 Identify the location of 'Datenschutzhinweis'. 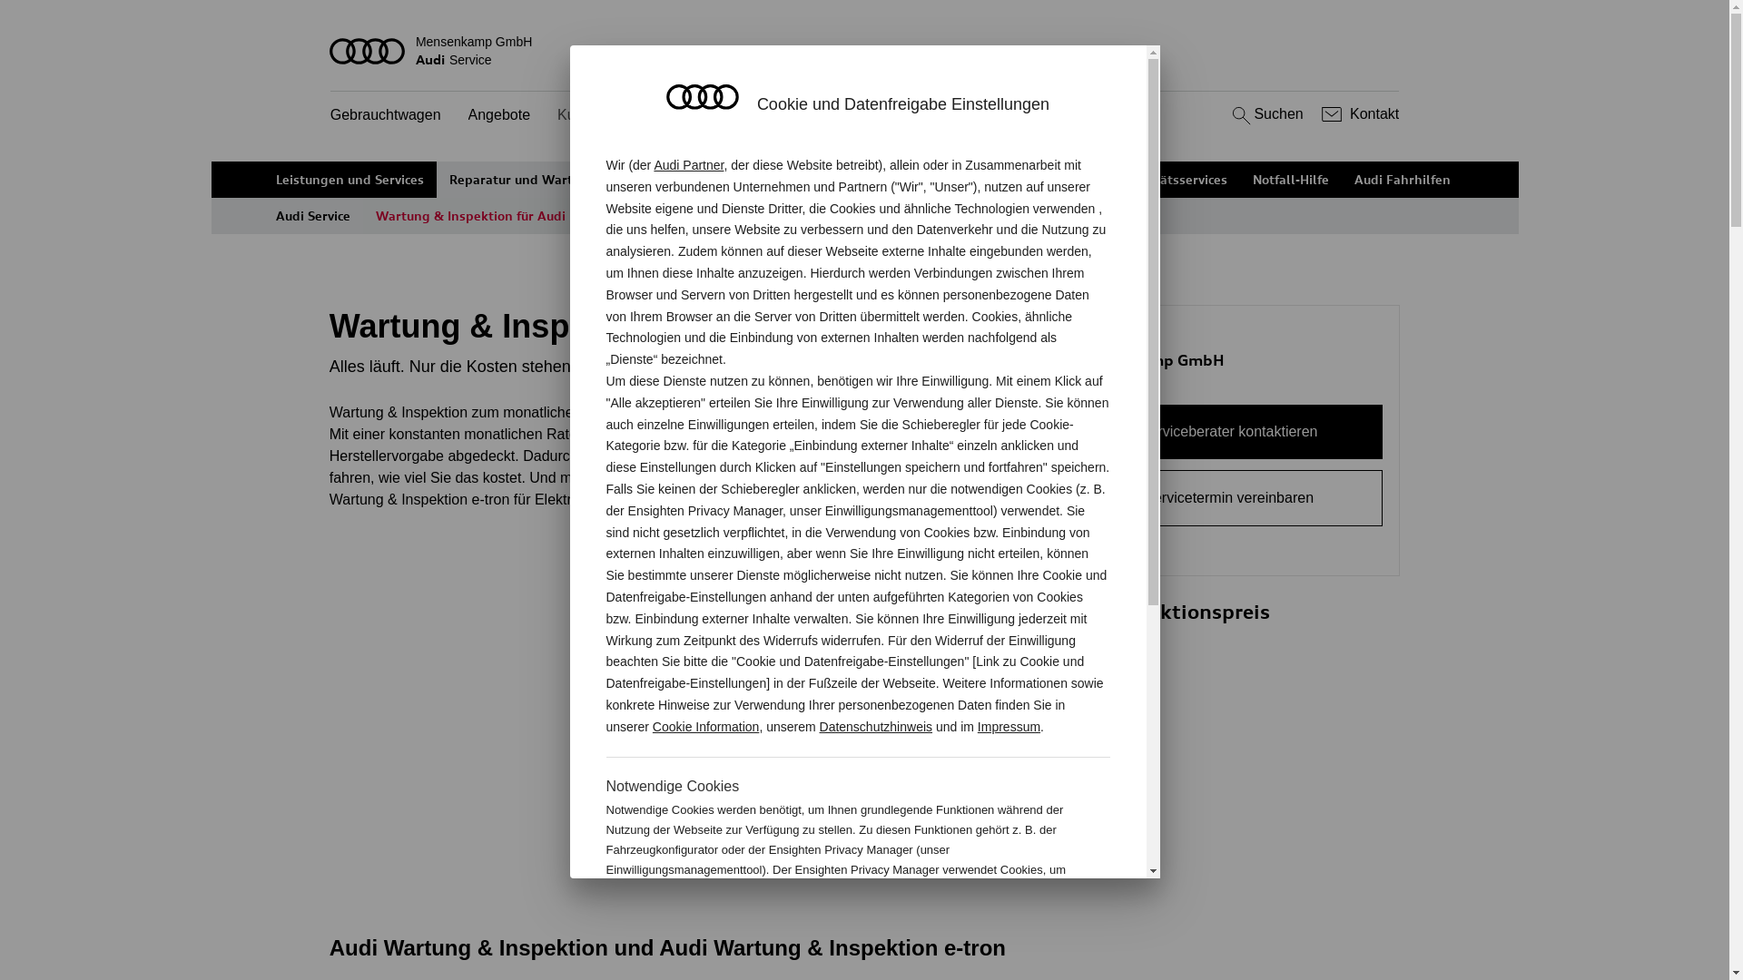
(818, 726).